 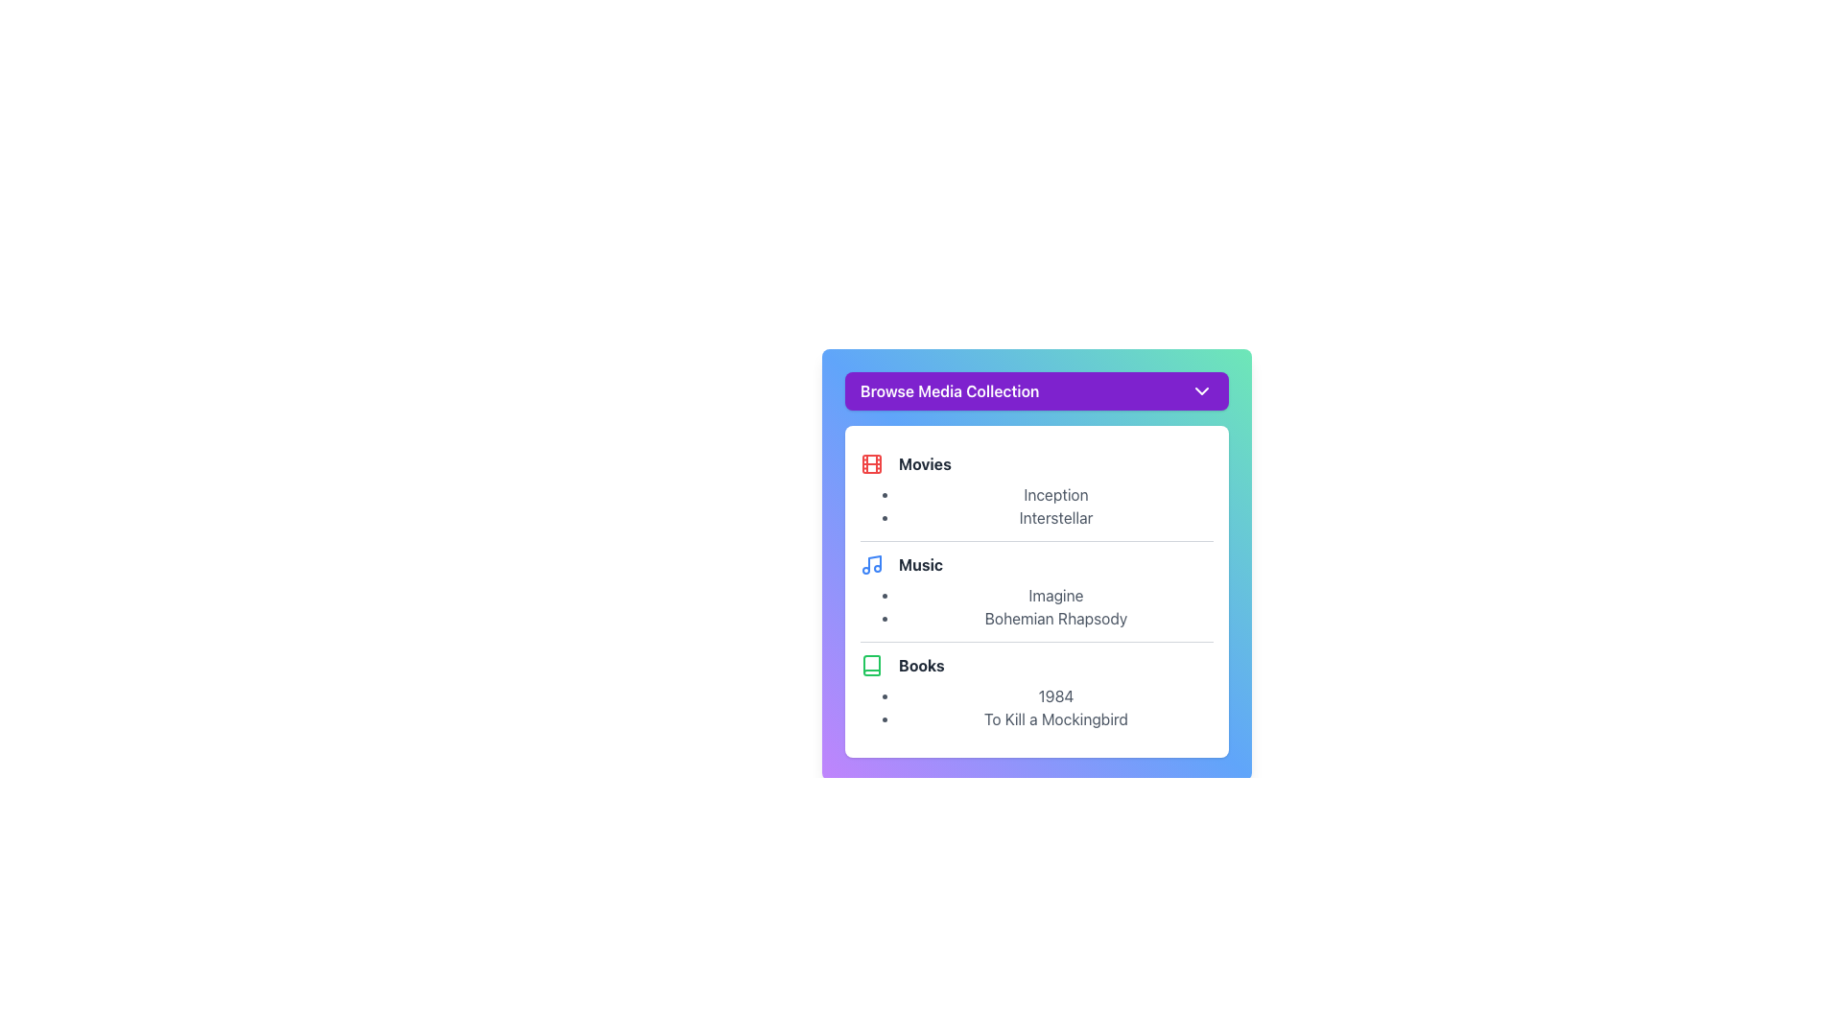 I want to click on the interactive book titles located within the 'Books' section, which features a bold 'Books' heading and a green book icon, so click(x=1035, y=692).